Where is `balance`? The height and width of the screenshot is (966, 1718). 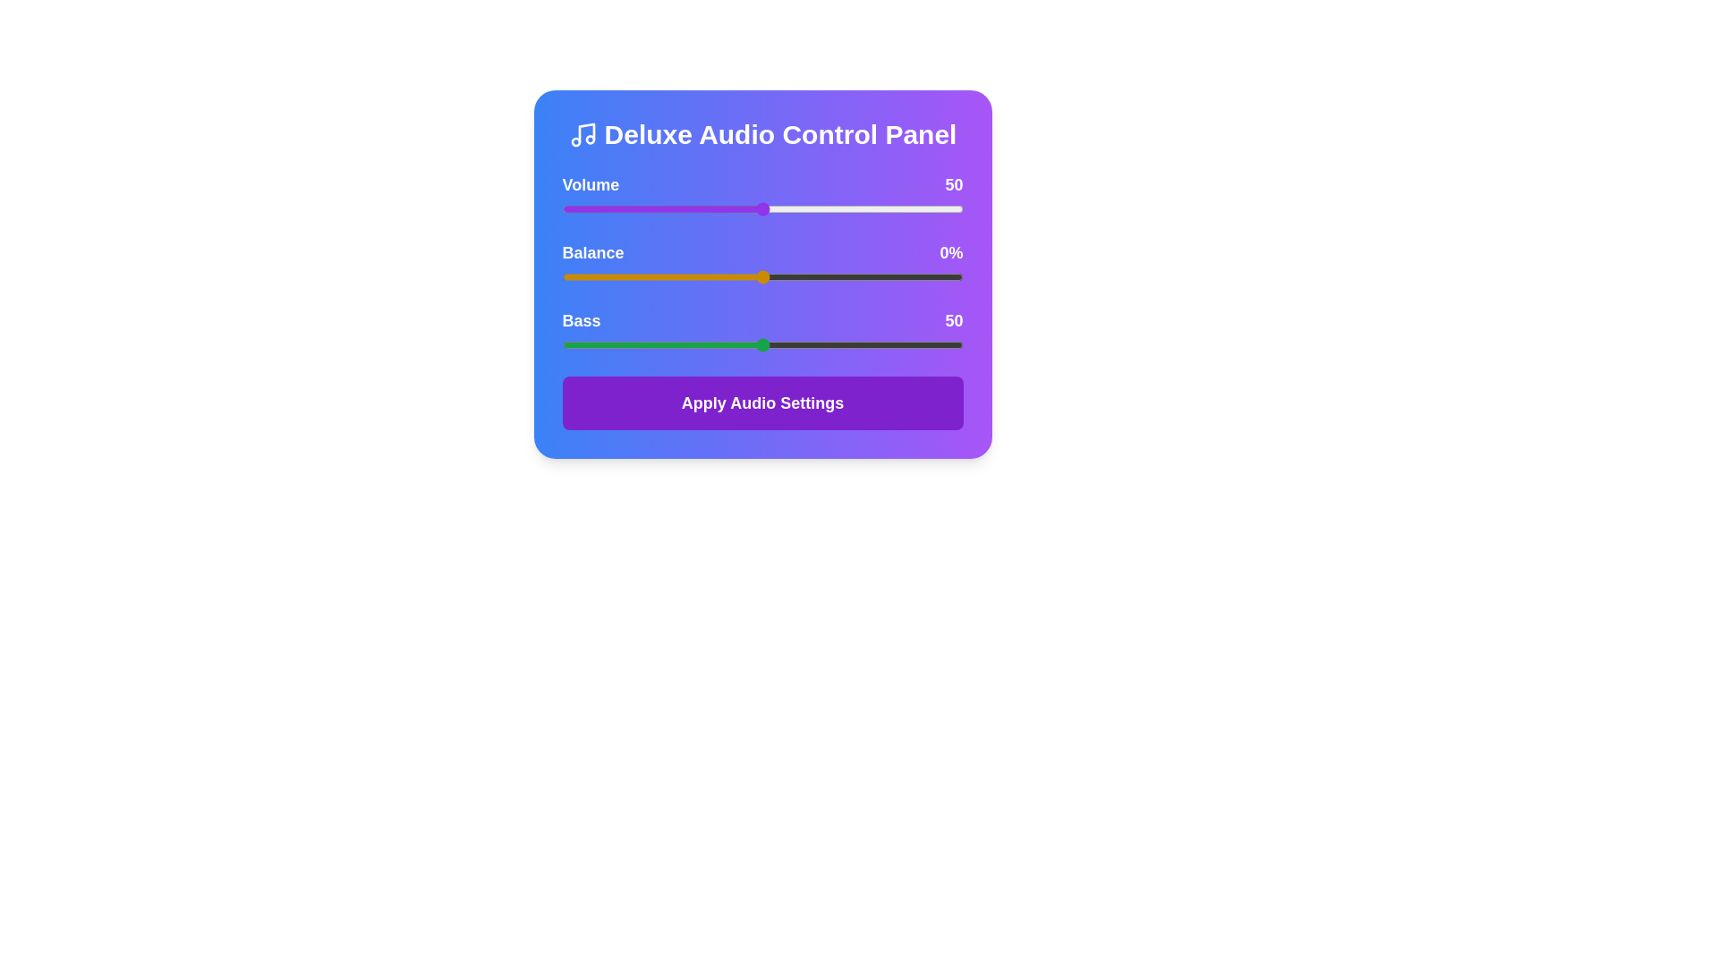
balance is located at coordinates (826, 276).